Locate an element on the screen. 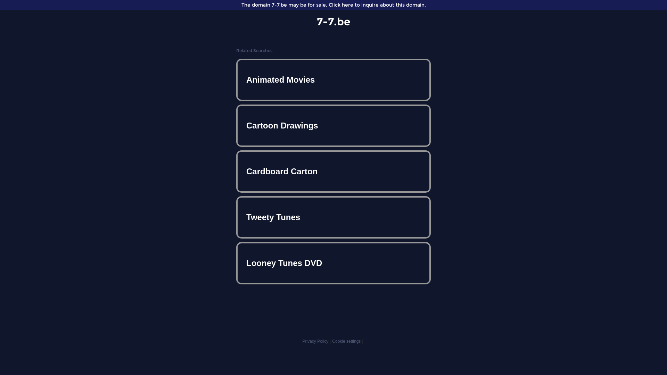  'Cardboard Carton' is located at coordinates (333, 171).